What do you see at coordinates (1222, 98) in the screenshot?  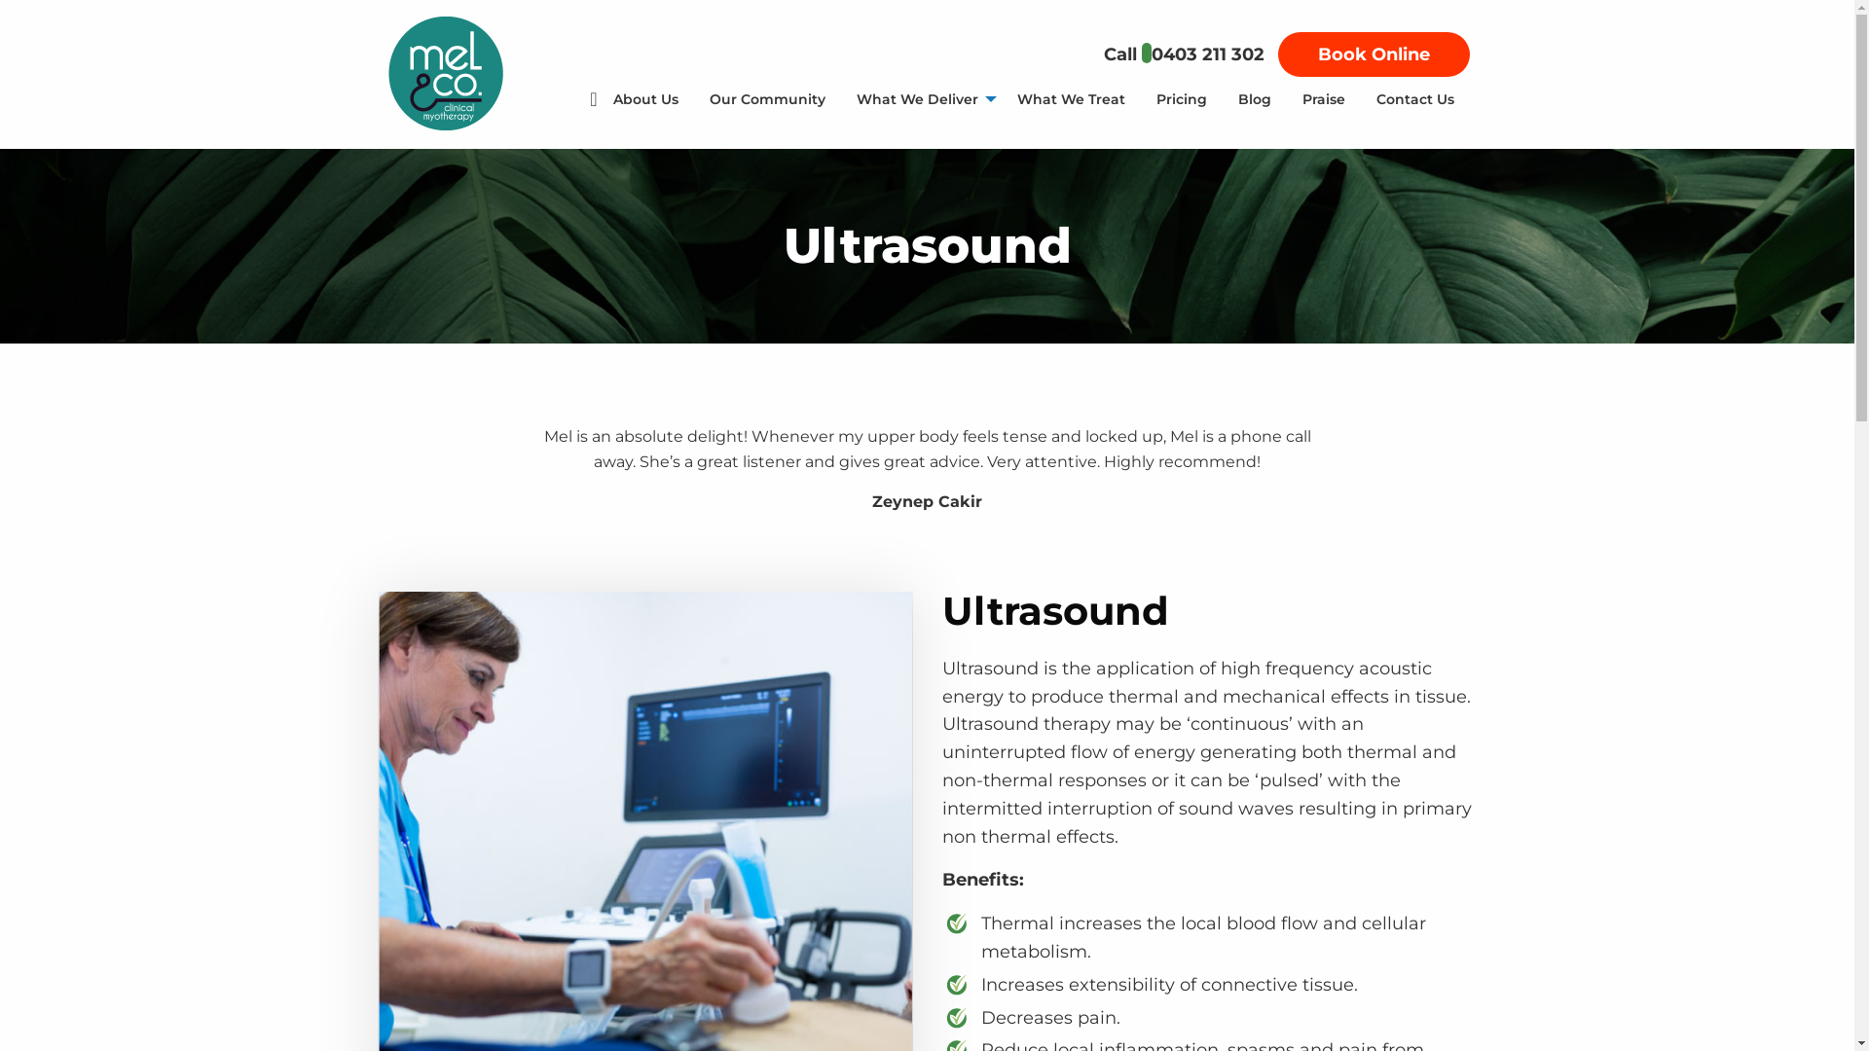 I see `'Blog'` at bounding box center [1222, 98].